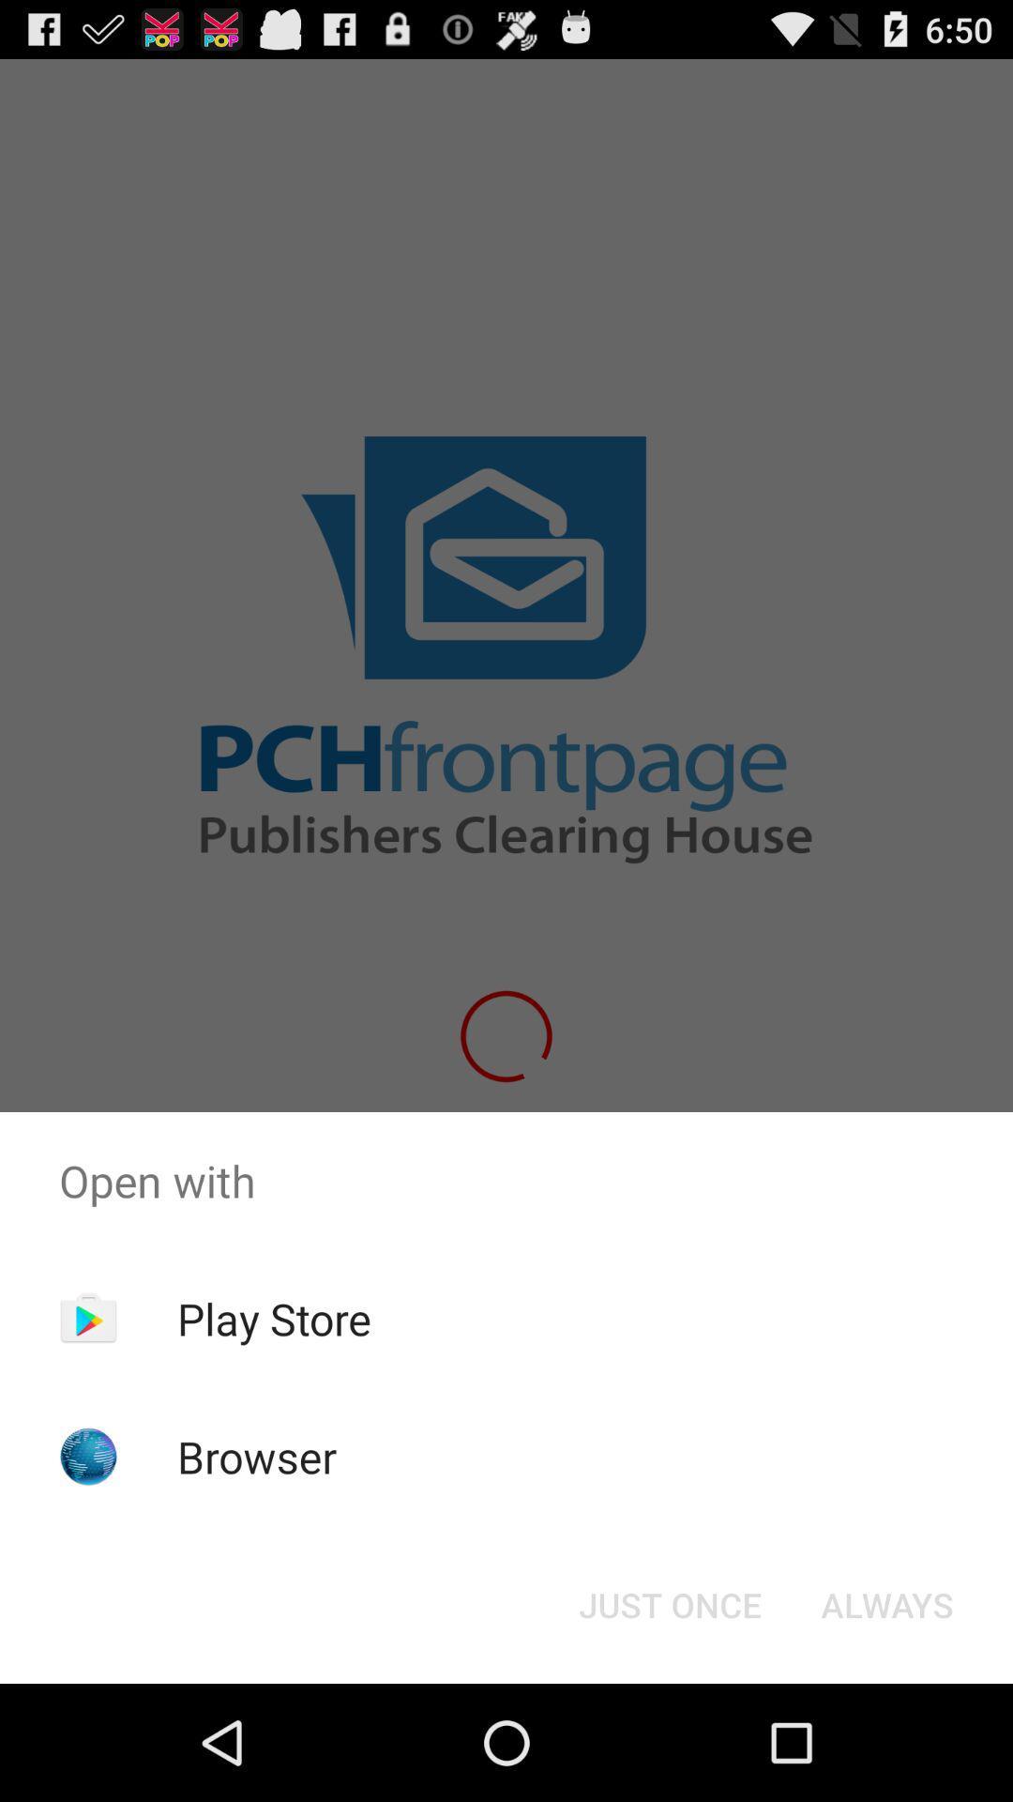 The width and height of the screenshot is (1013, 1802). Describe the element at coordinates (669, 1603) in the screenshot. I see `the just once item` at that location.